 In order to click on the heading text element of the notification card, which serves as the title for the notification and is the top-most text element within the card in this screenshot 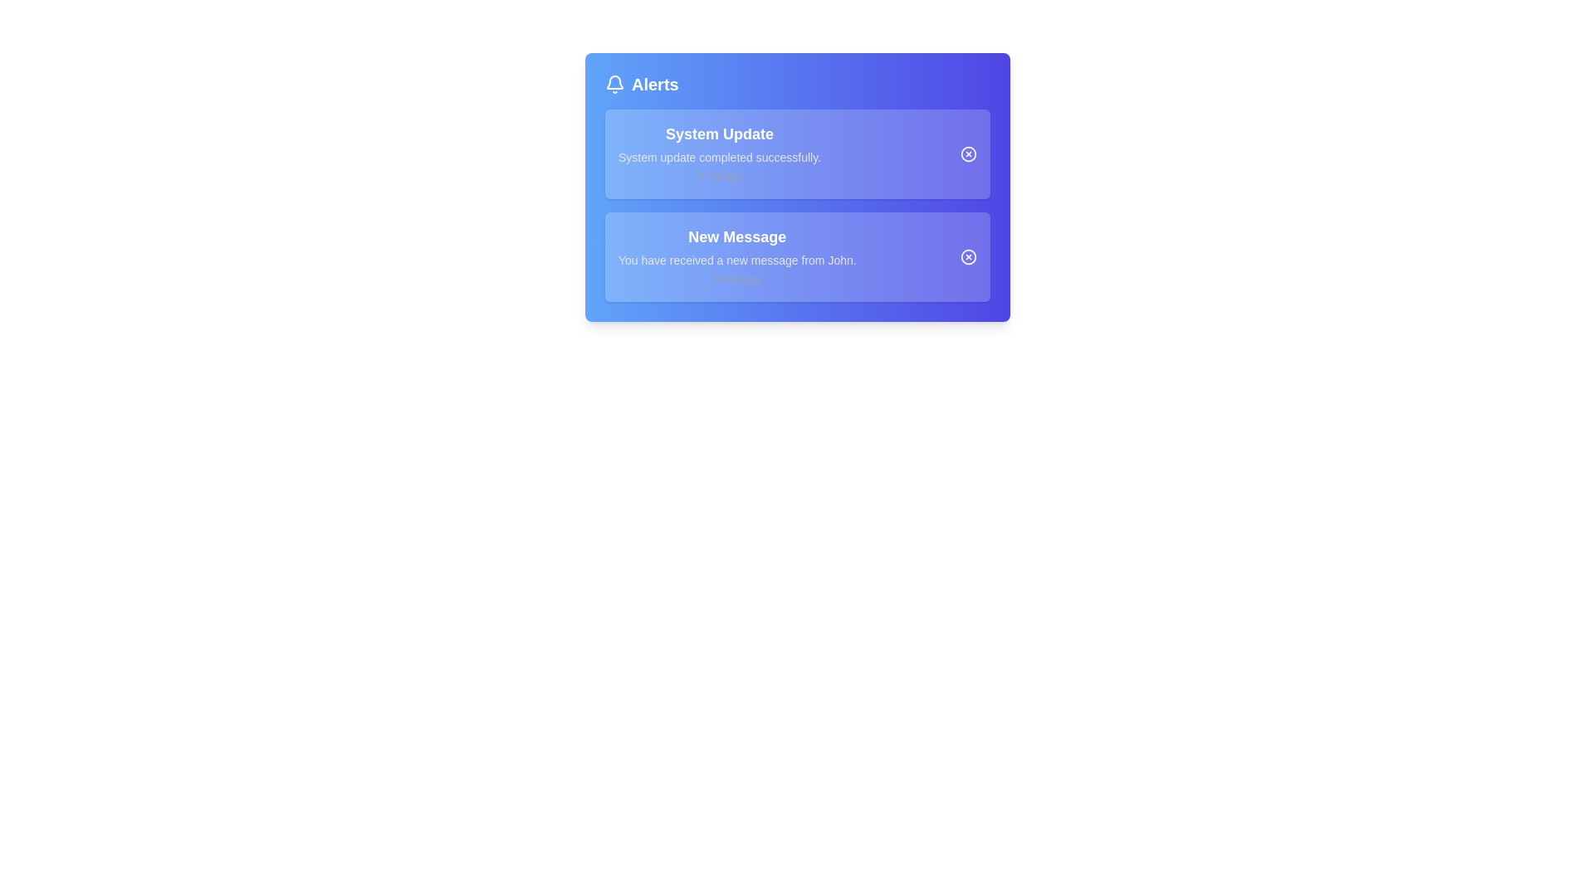, I will do `click(720, 134)`.